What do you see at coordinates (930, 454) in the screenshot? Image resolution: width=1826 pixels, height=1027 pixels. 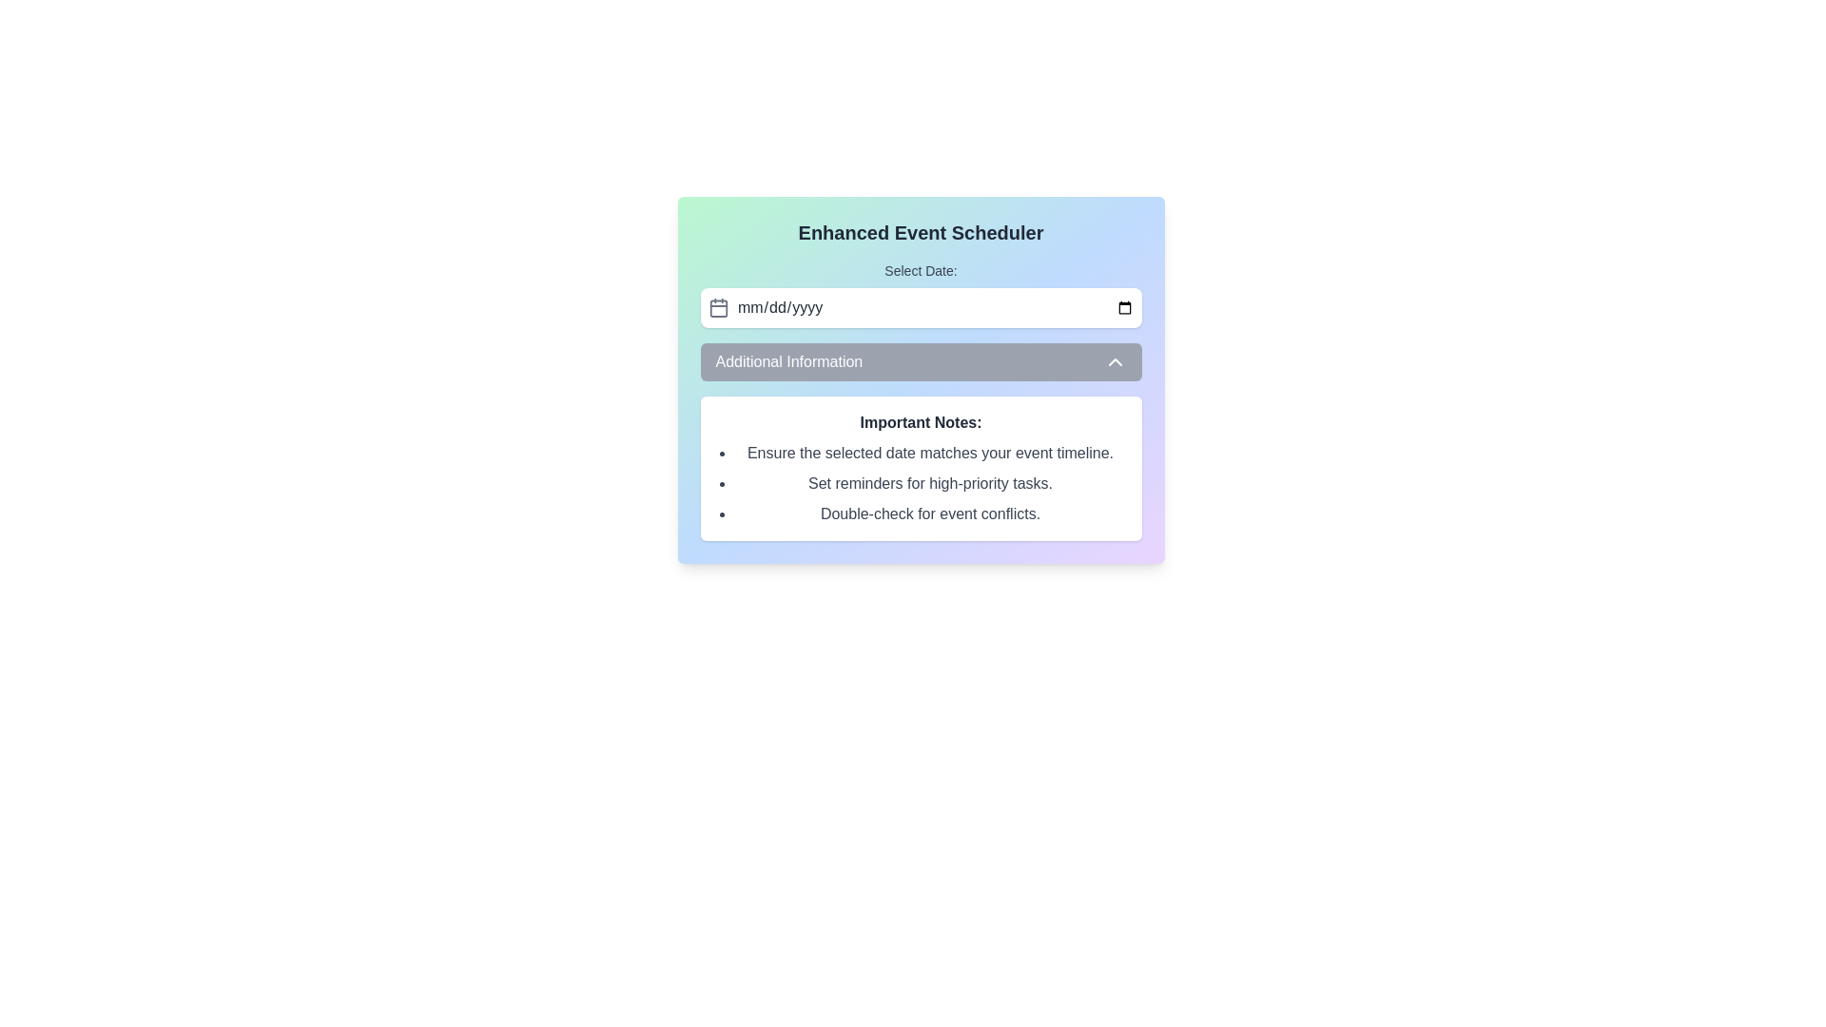 I see `informational guidance text located as the first item in the bulleted list under the heading 'Important Notes:' in the lower section of the UI interface` at bounding box center [930, 454].